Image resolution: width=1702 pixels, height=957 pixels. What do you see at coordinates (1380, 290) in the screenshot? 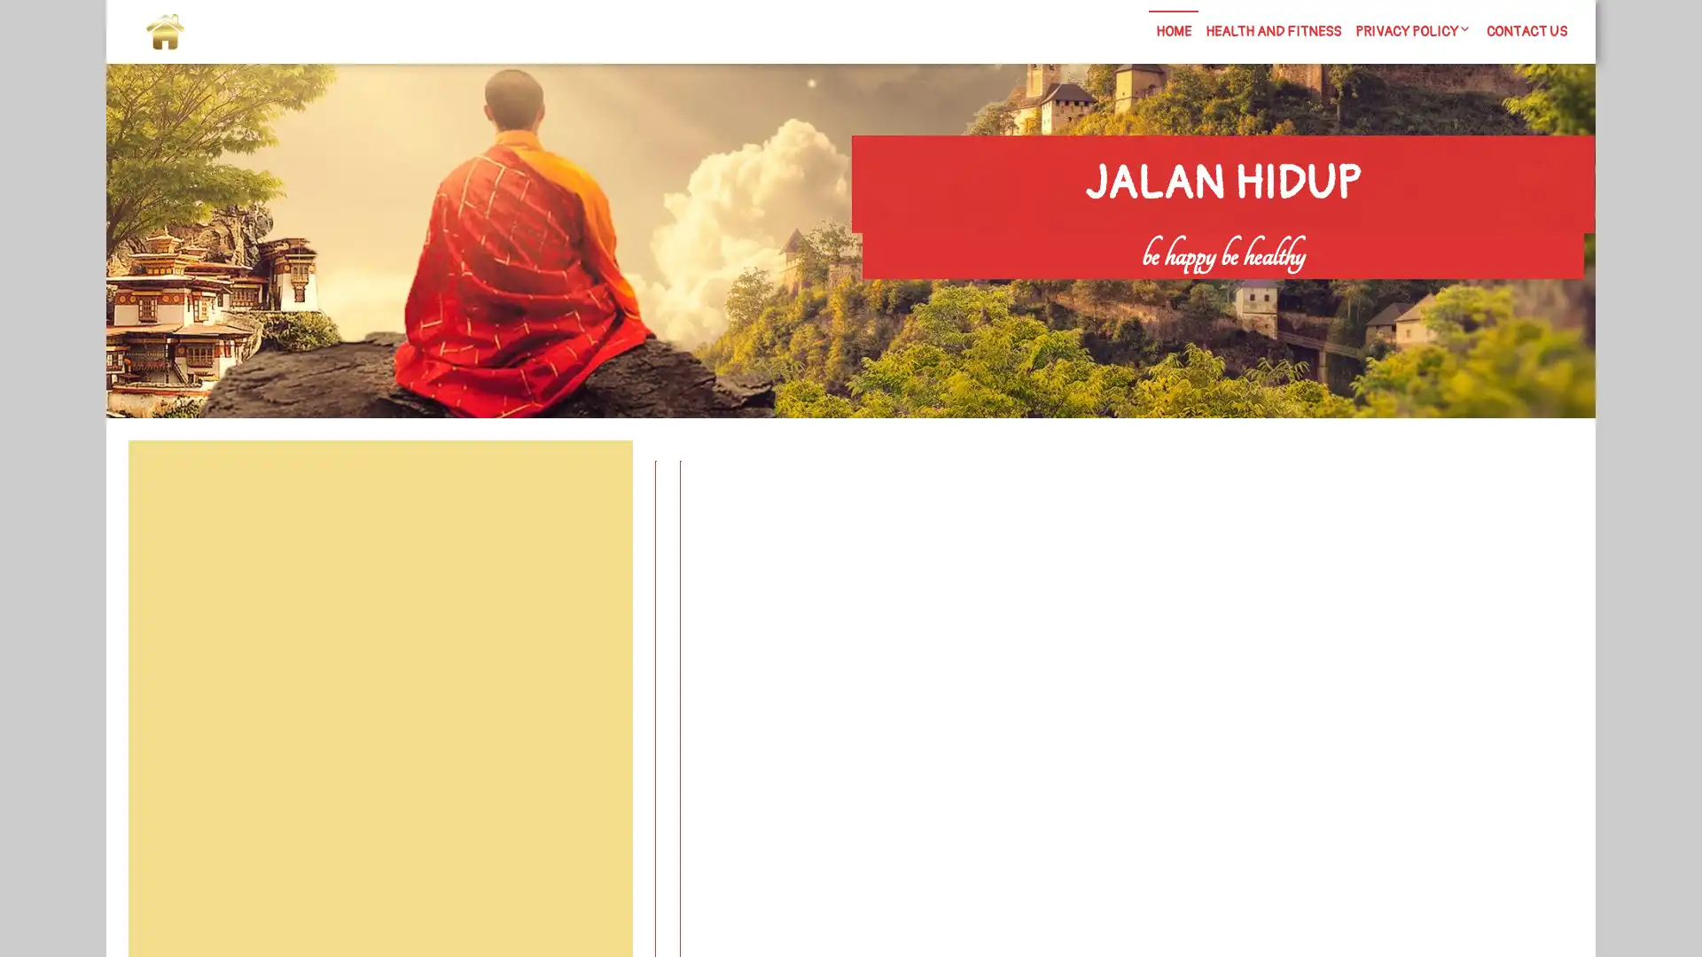
I see `Search` at bounding box center [1380, 290].